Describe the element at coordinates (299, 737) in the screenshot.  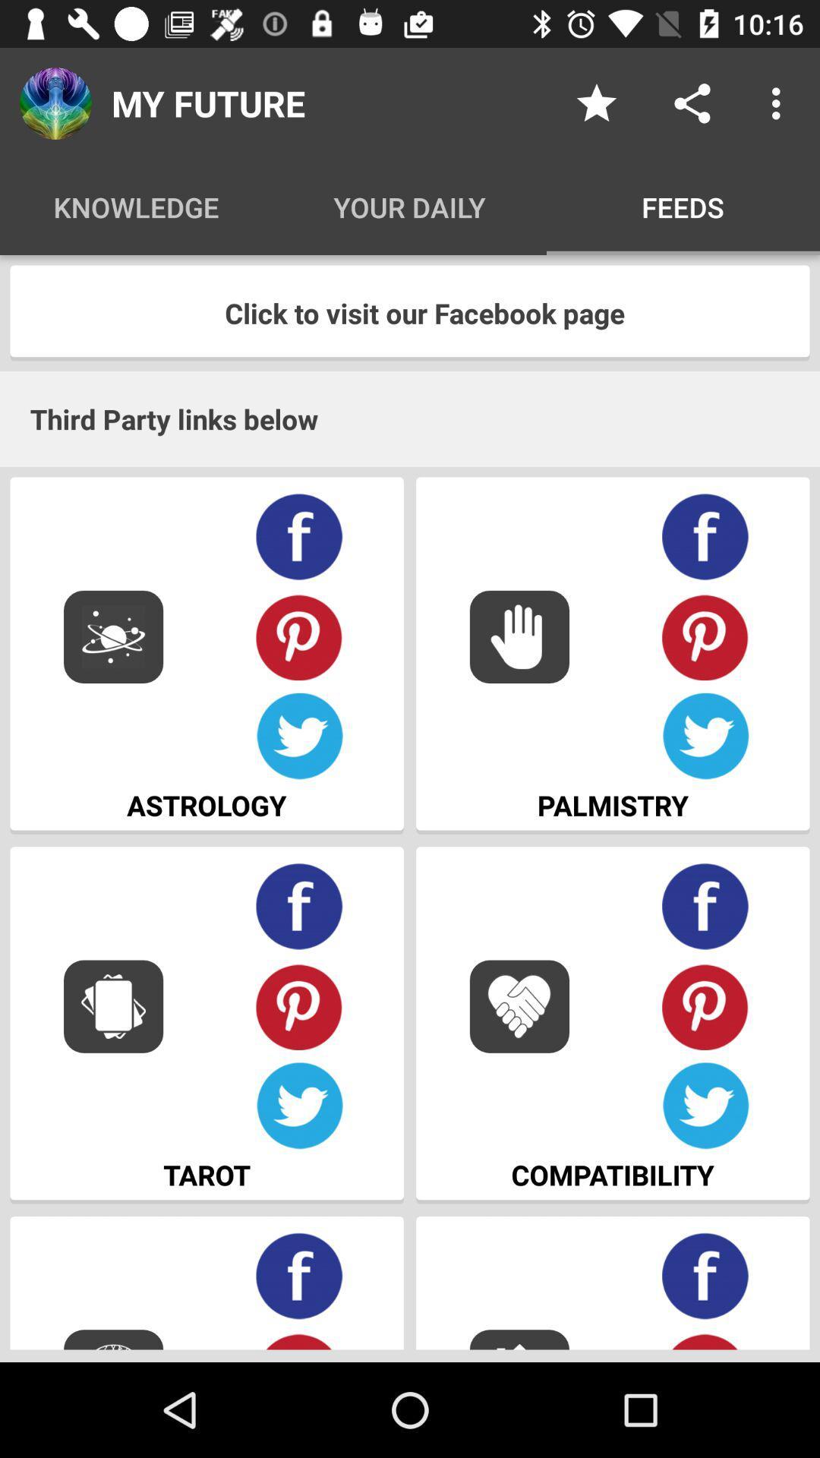
I see `post to twitter` at that location.